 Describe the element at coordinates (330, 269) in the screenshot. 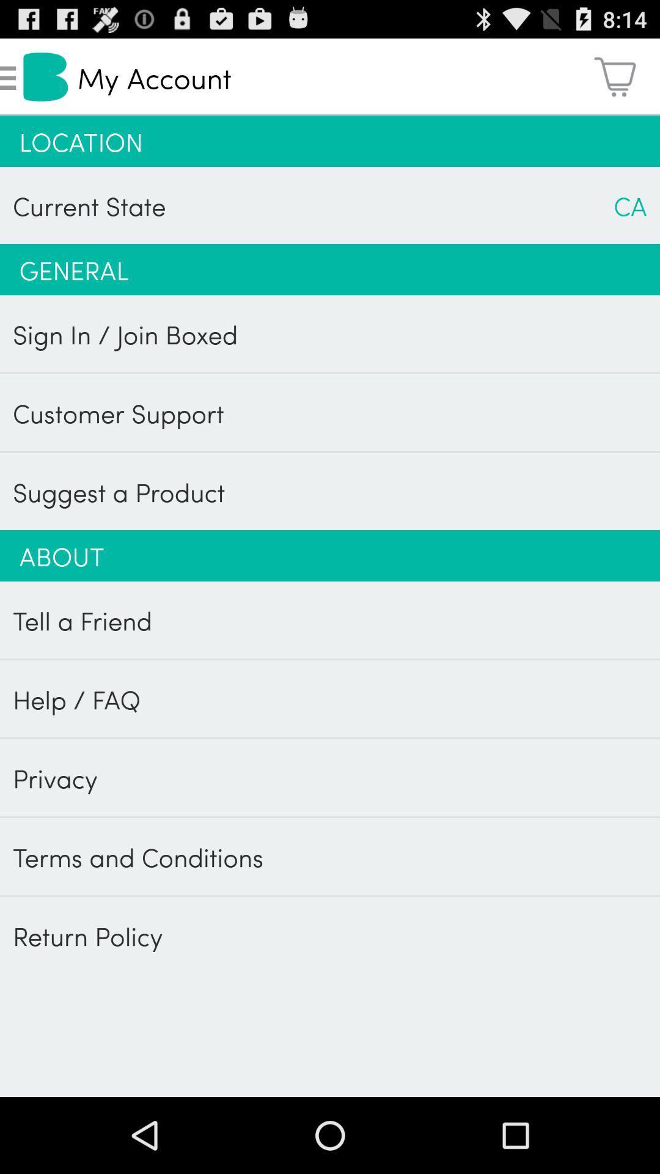

I see `general item` at that location.